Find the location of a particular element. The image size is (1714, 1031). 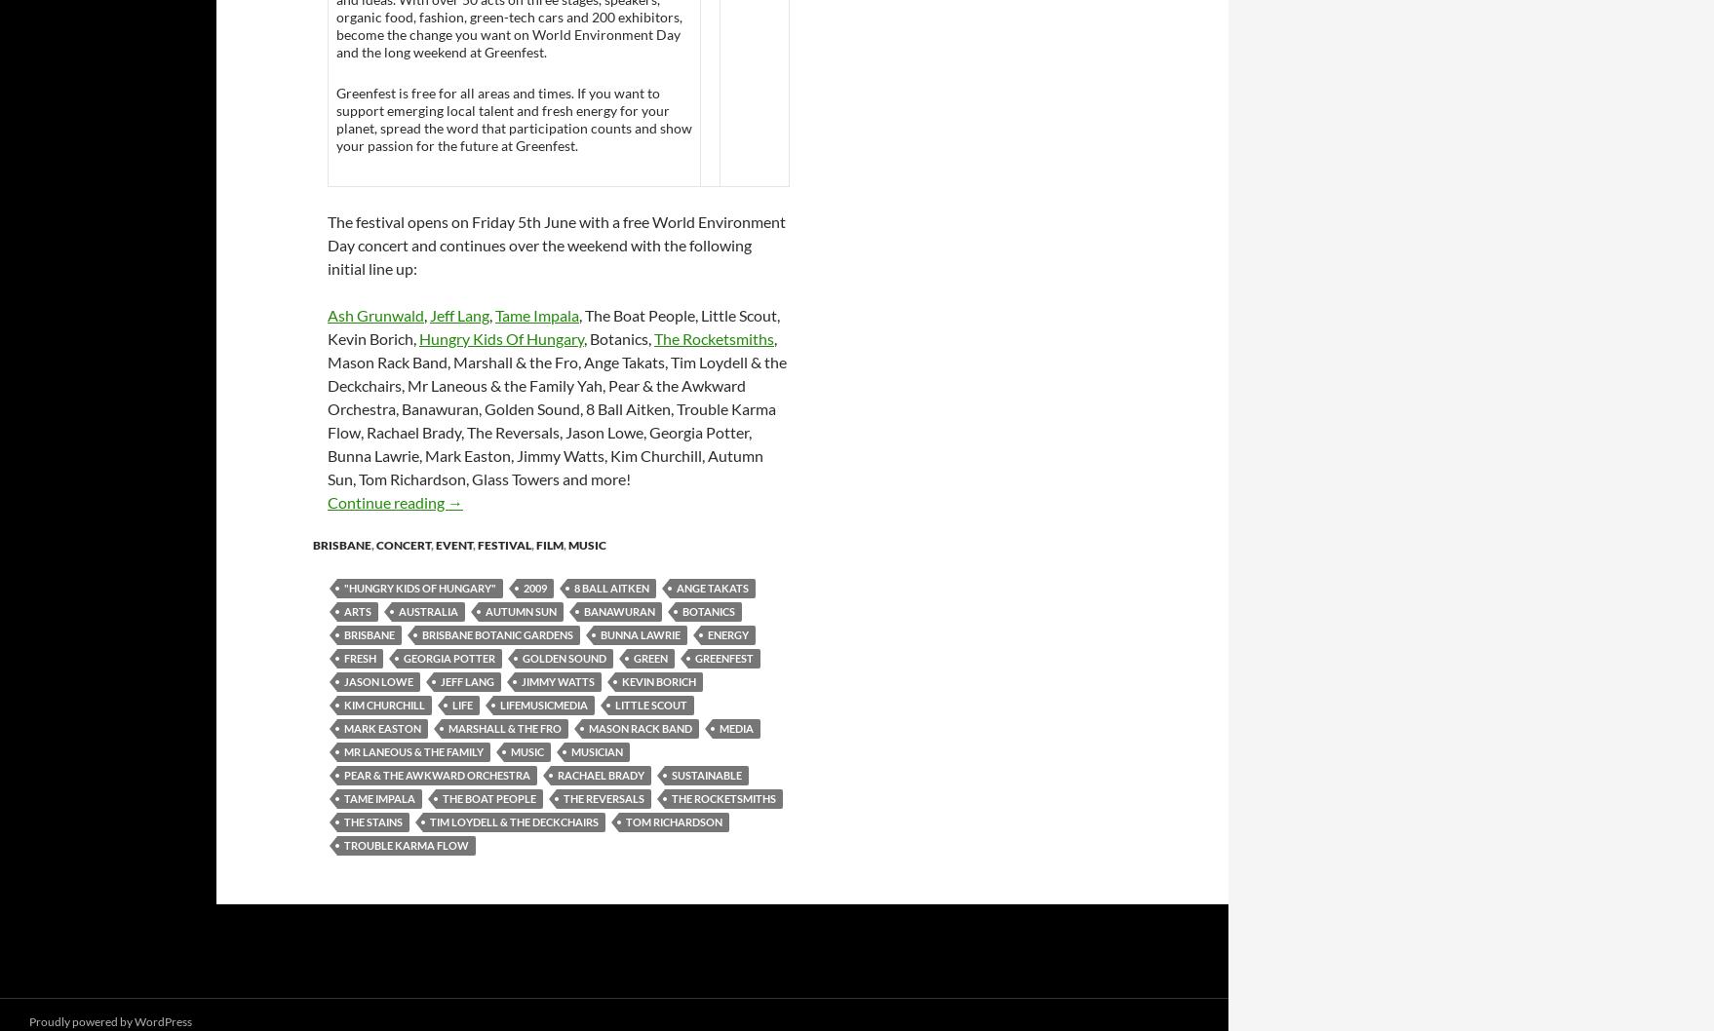

'Tim Loydell & the Deckchairs' is located at coordinates (513, 820).